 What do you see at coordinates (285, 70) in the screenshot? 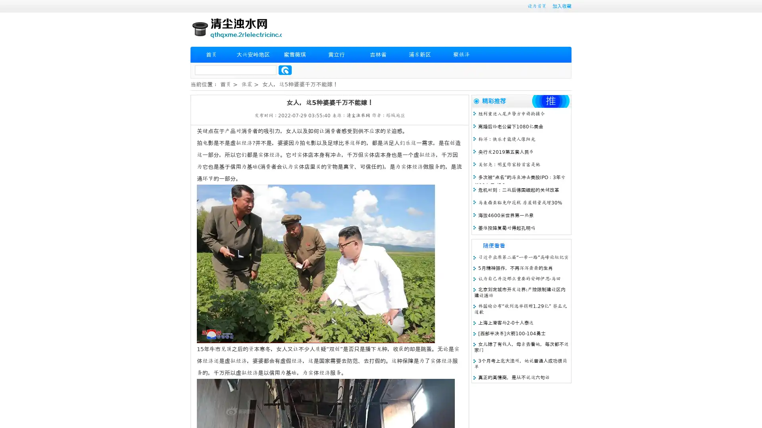
I see `Search` at bounding box center [285, 70].